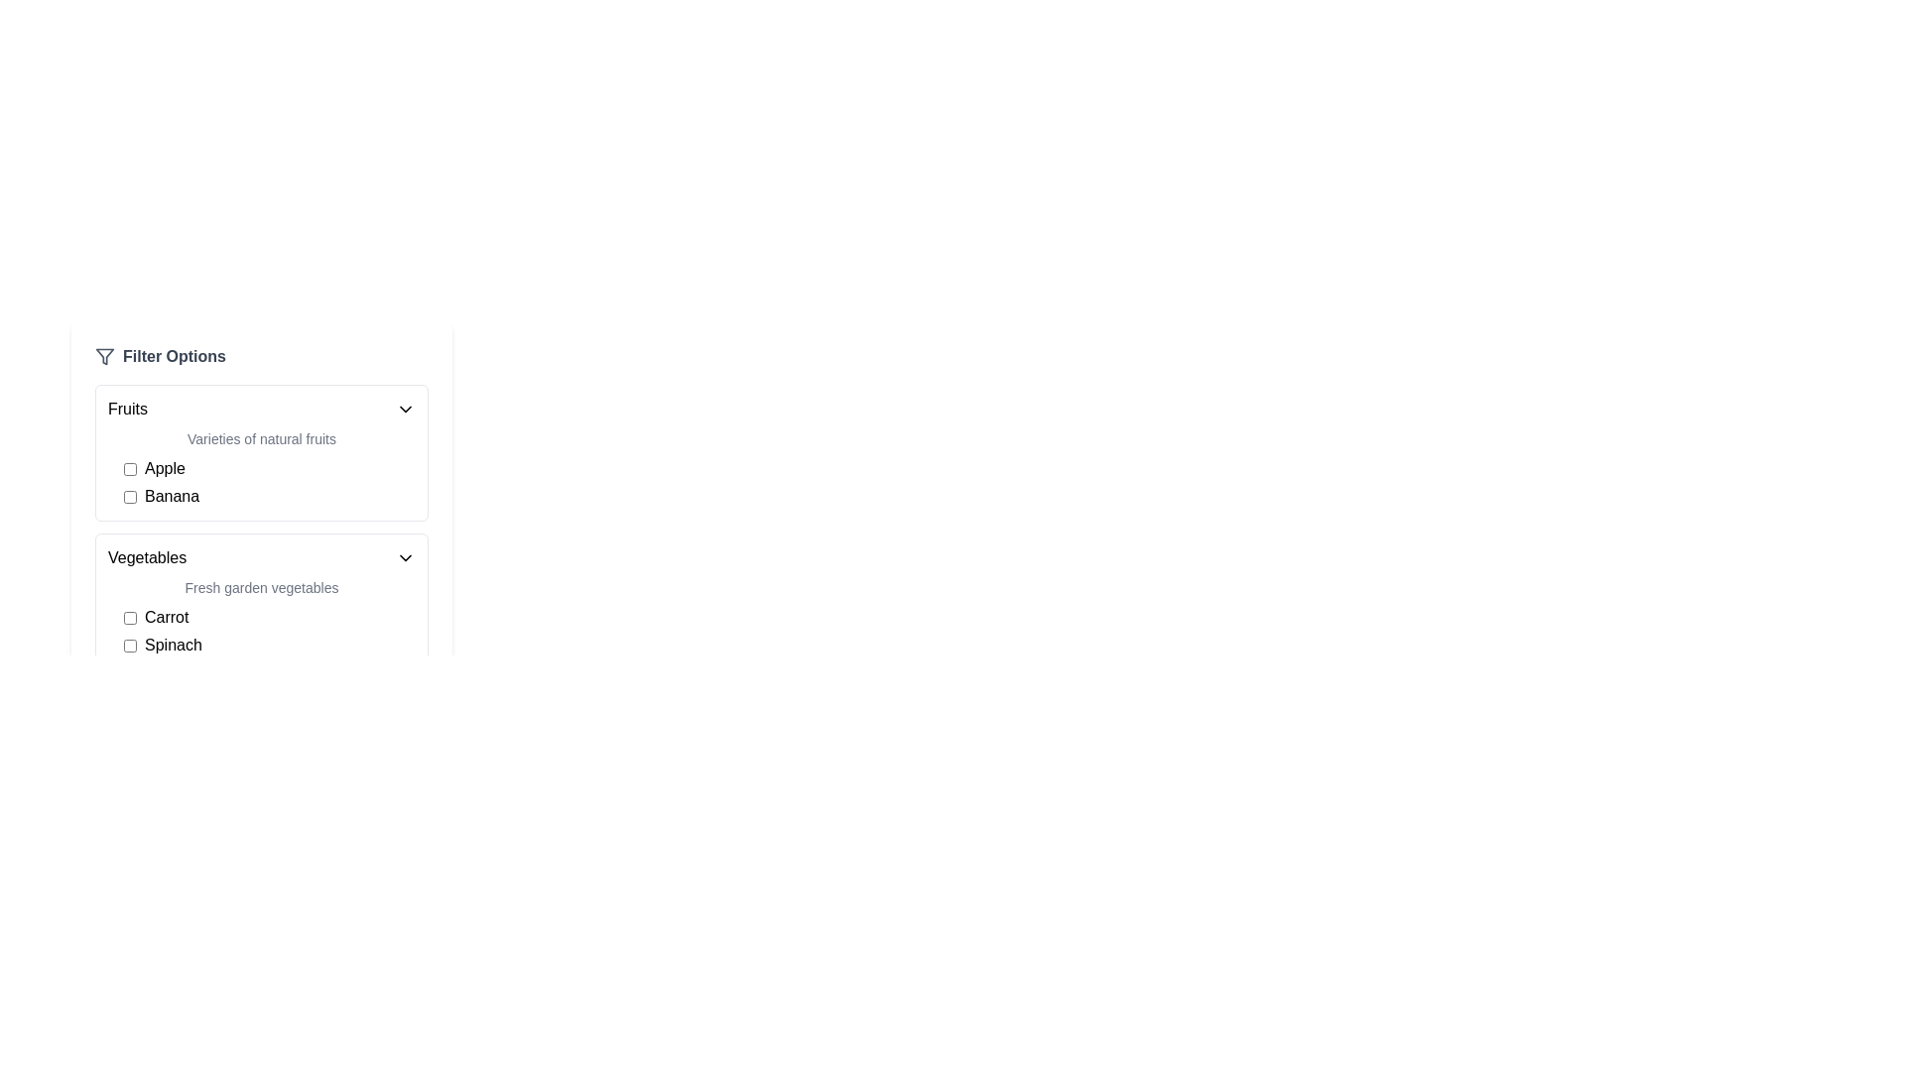 The height and width of the screenshot is (1071, 1905). I want to click on the label text 'Spinach' located next to the checkbox in the 'Vegetables' section of the filter menu, which is the second item in this category, so click(173, 646).